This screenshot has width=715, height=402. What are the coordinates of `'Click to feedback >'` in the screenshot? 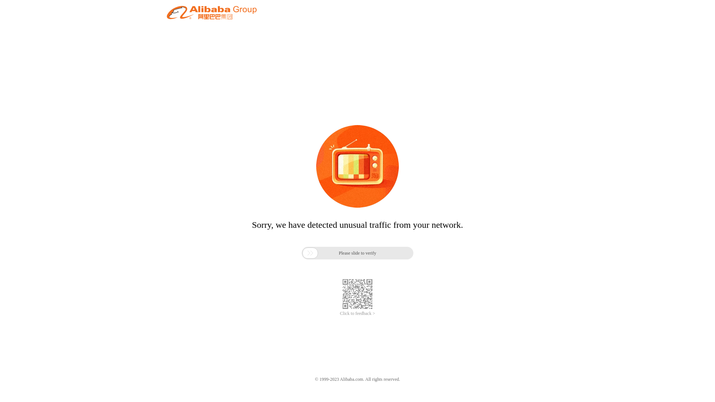 It's located at (357, 313).